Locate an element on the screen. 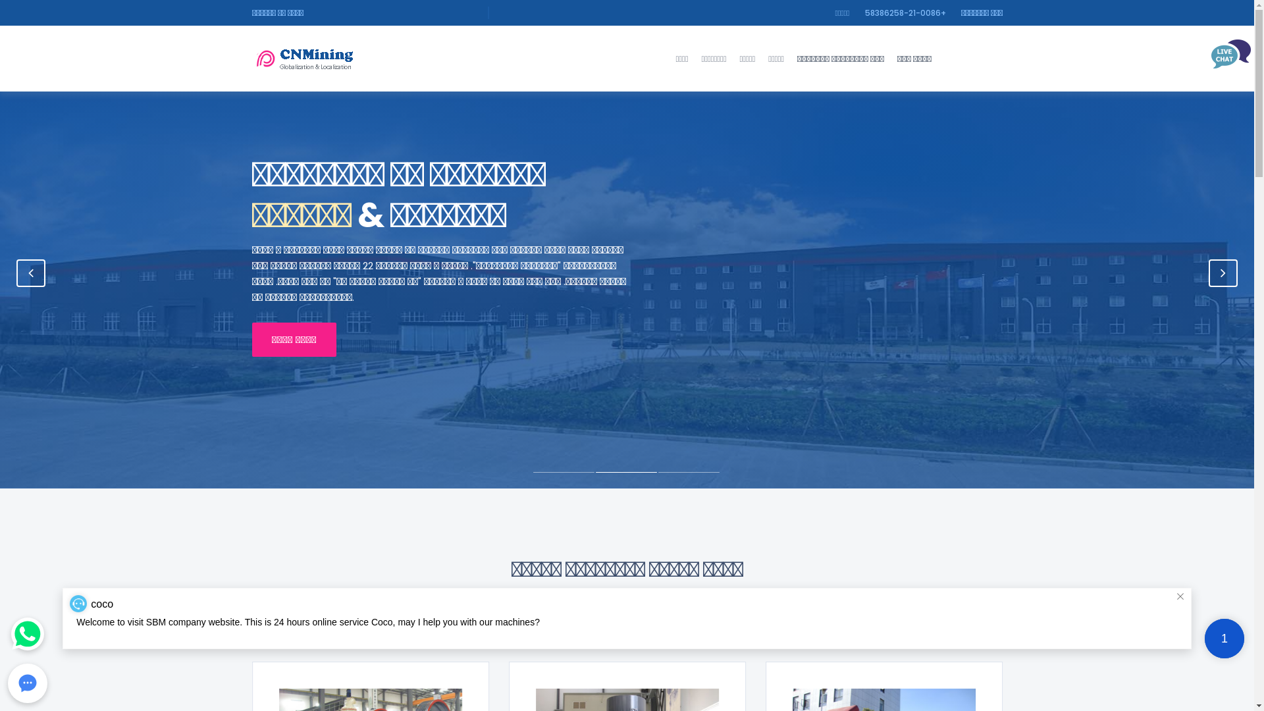 The width and height of the screenshot is (1264, 711). '+0086-21-58386258' is located at coordinates (905, 13).